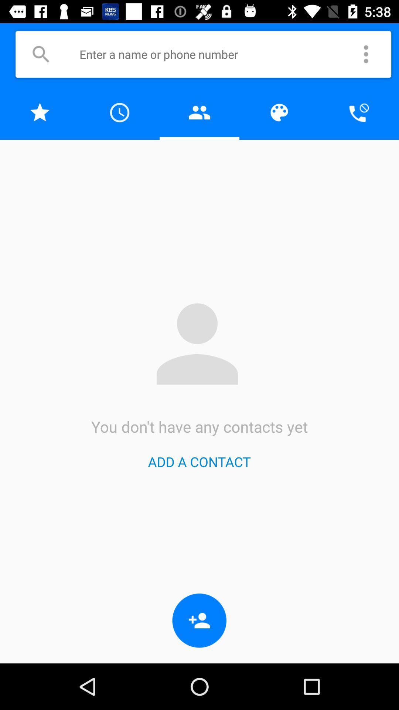 The width and height of the screenshot is (399, 710). I want to click on app below add a contact app, so click(199, 621).